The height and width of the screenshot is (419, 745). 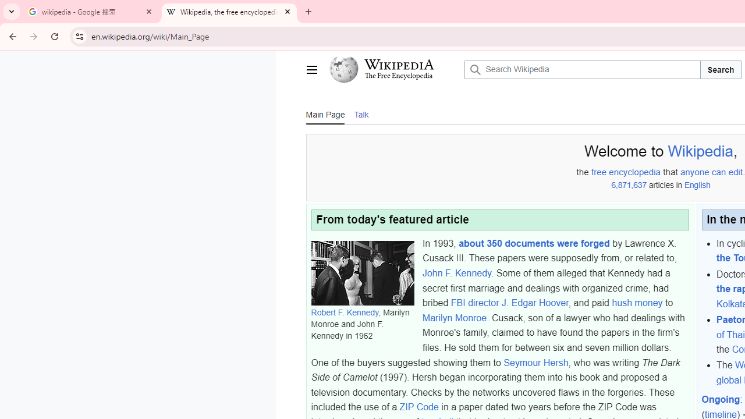 I want to click on 'Main Page', so click(x=325, y=114).